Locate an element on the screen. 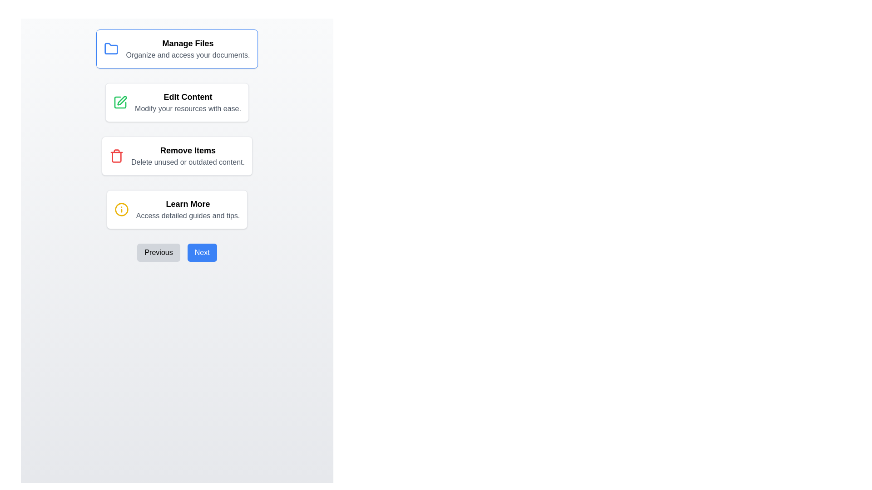 This screenshot has height=490, width=872. the pen icon in the 'Edit Content' section, which visually indicates the editing functionality is located at coordinates (121, 101).